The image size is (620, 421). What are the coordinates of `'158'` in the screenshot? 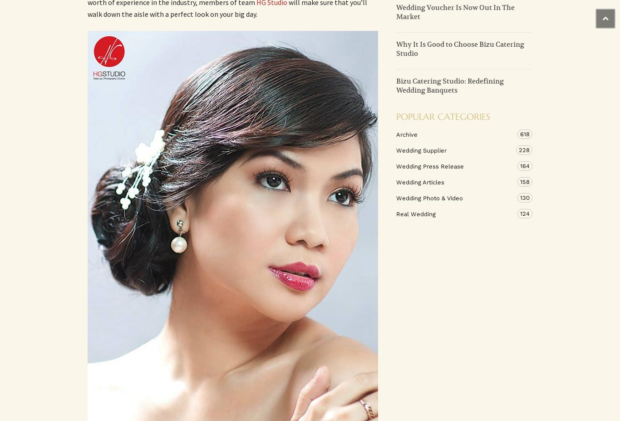 It's located at (525, 181).